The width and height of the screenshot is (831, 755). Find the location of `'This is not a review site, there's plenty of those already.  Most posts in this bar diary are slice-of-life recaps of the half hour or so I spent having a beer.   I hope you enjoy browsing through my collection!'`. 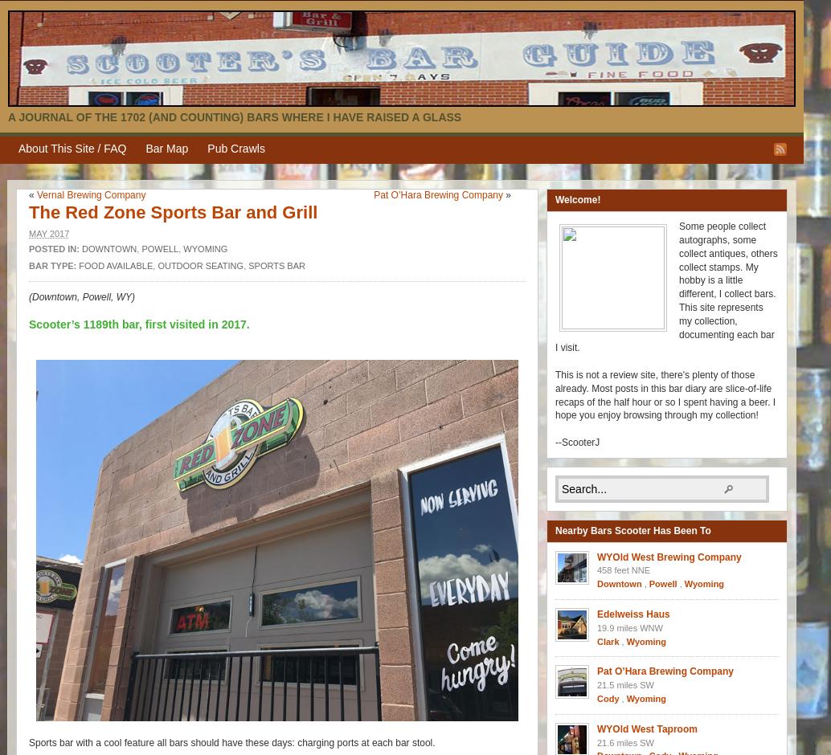

'This is not a review site, there's plenty of those already.  Most posts in this bar diary are slice-of-life recaps of the half hour or so I spent having a beer.   I hope you enjoy browsing through my collection!' is located at coordinates (555, 394).